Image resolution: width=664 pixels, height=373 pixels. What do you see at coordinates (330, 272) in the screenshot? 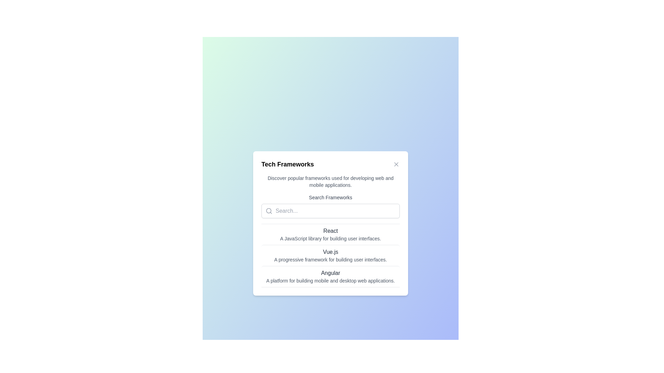
I see `text label representing the name of the framework, which is positioned at the top of the framework description section` at bounding box center [330, 272].